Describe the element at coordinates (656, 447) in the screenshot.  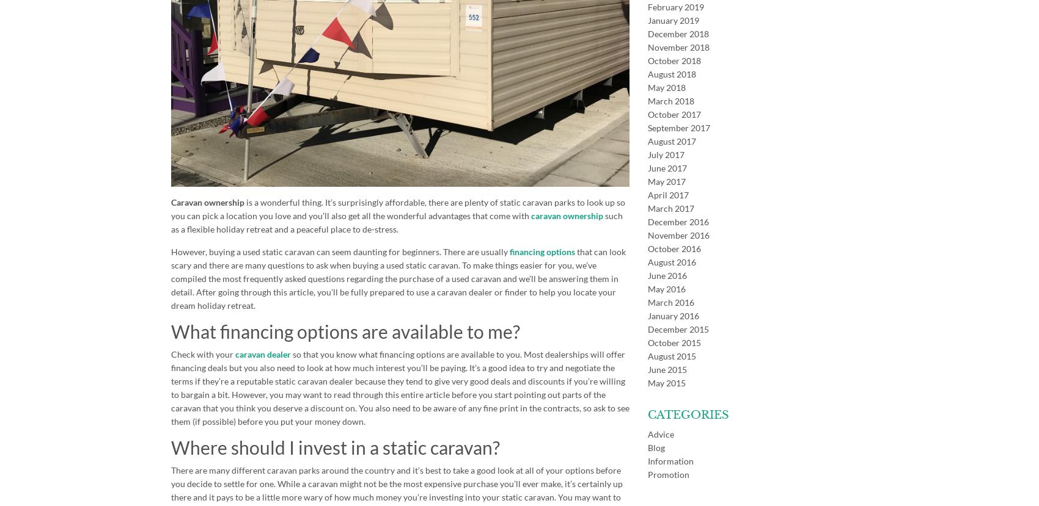
I see `'Blog'` at that location.